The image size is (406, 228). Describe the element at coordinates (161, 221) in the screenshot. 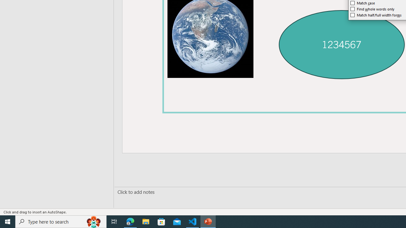

I see `'Microsoft Store'` at that location.